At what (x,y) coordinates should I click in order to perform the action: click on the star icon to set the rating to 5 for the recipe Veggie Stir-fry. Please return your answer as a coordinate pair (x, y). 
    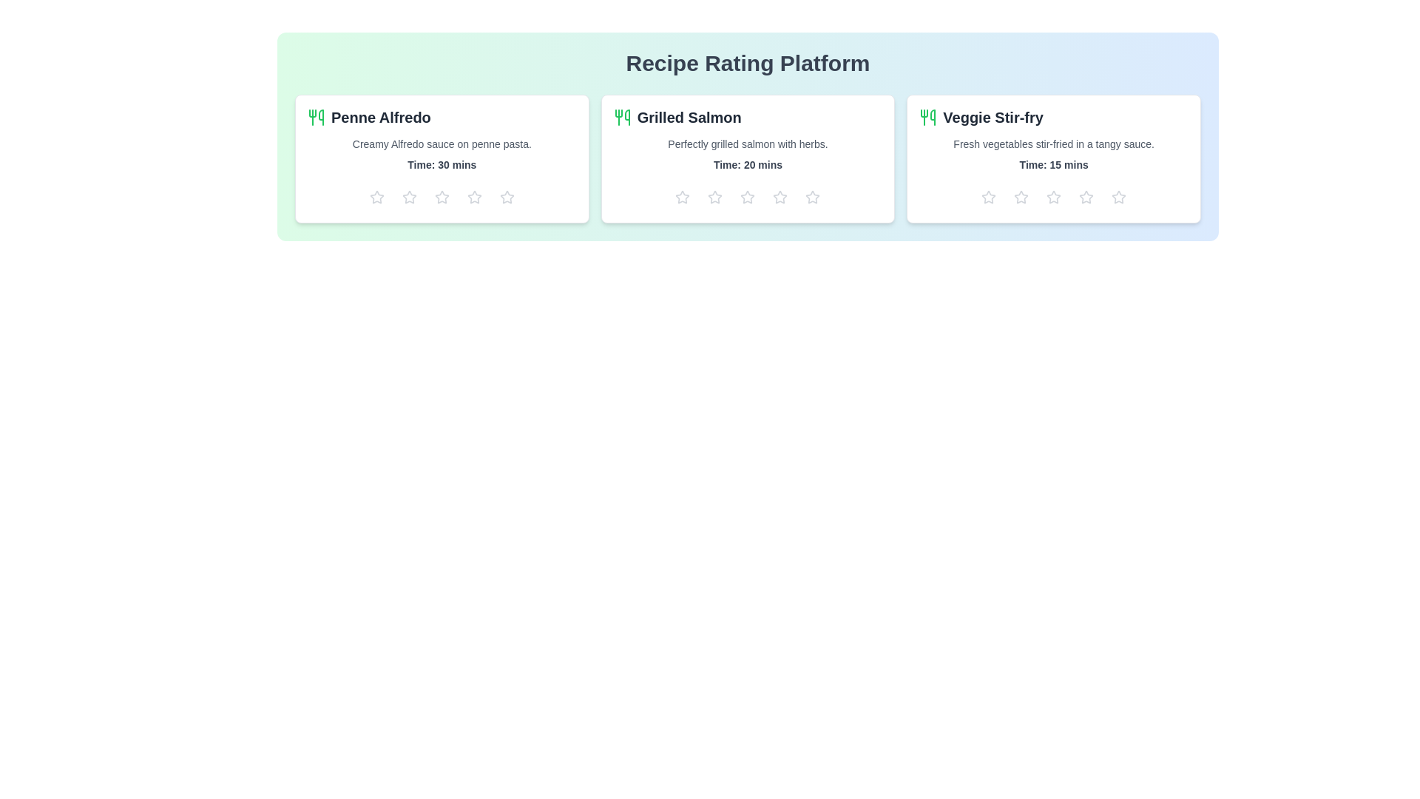
    Looking at the image, I should click on (1119, 196).